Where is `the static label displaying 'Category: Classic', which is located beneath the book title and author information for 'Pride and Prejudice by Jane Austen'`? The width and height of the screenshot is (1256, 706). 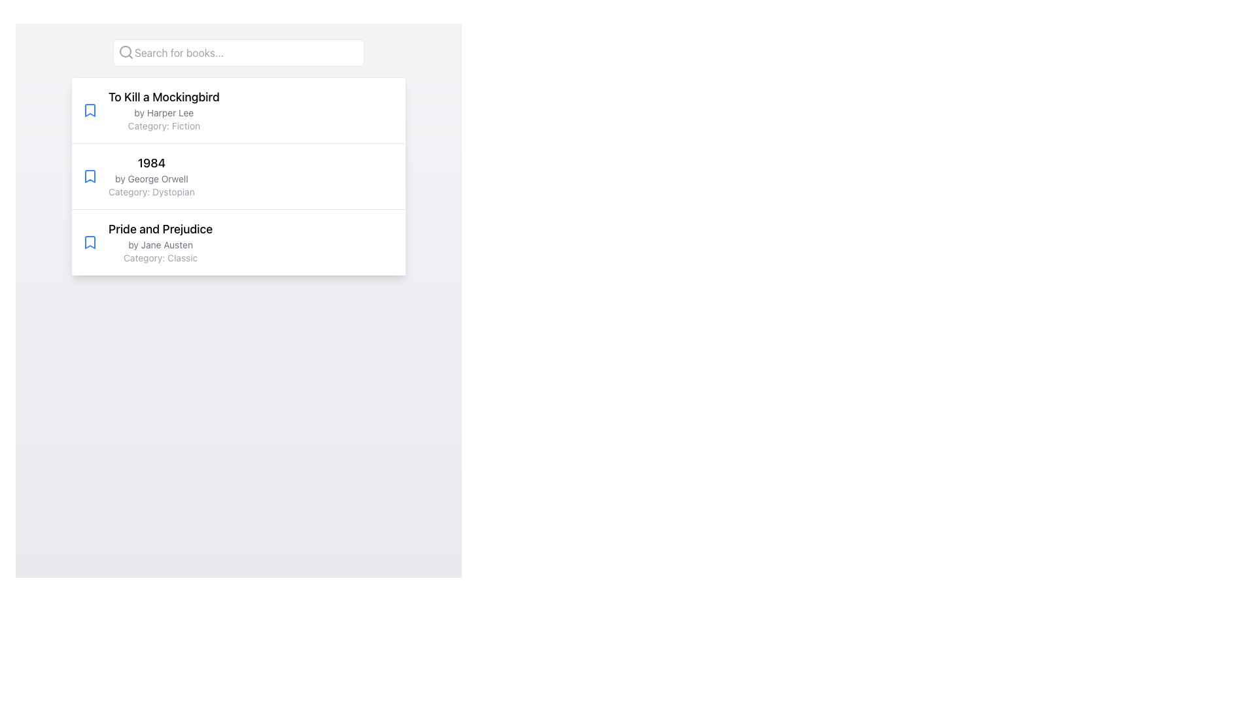 the static label displaying 'Category: Classic', which is located beneath the book title and author information for 'Pride and Prejudice by Jane Austen' is located at coordinates (160, 258).